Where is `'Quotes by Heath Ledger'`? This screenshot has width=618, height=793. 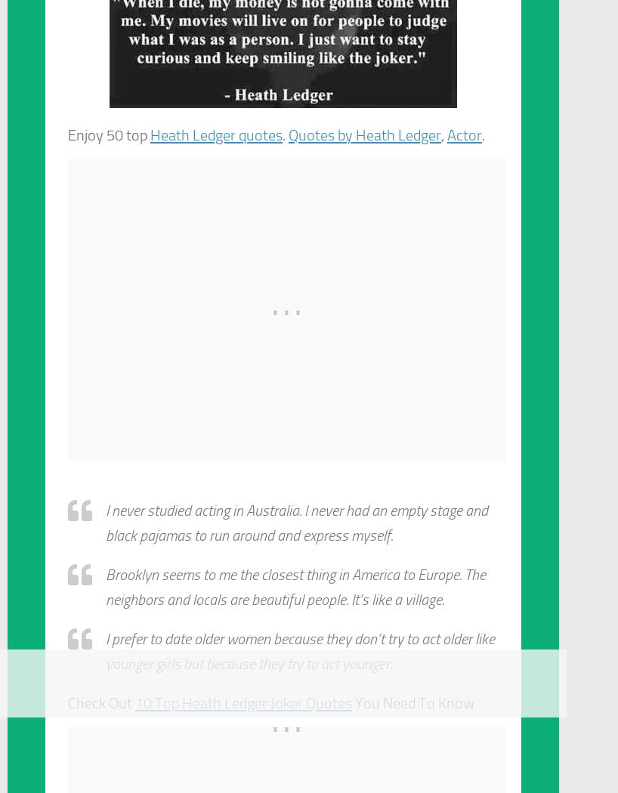 'Quotes by Heath Ledger' is located at coordinates (365, 135).